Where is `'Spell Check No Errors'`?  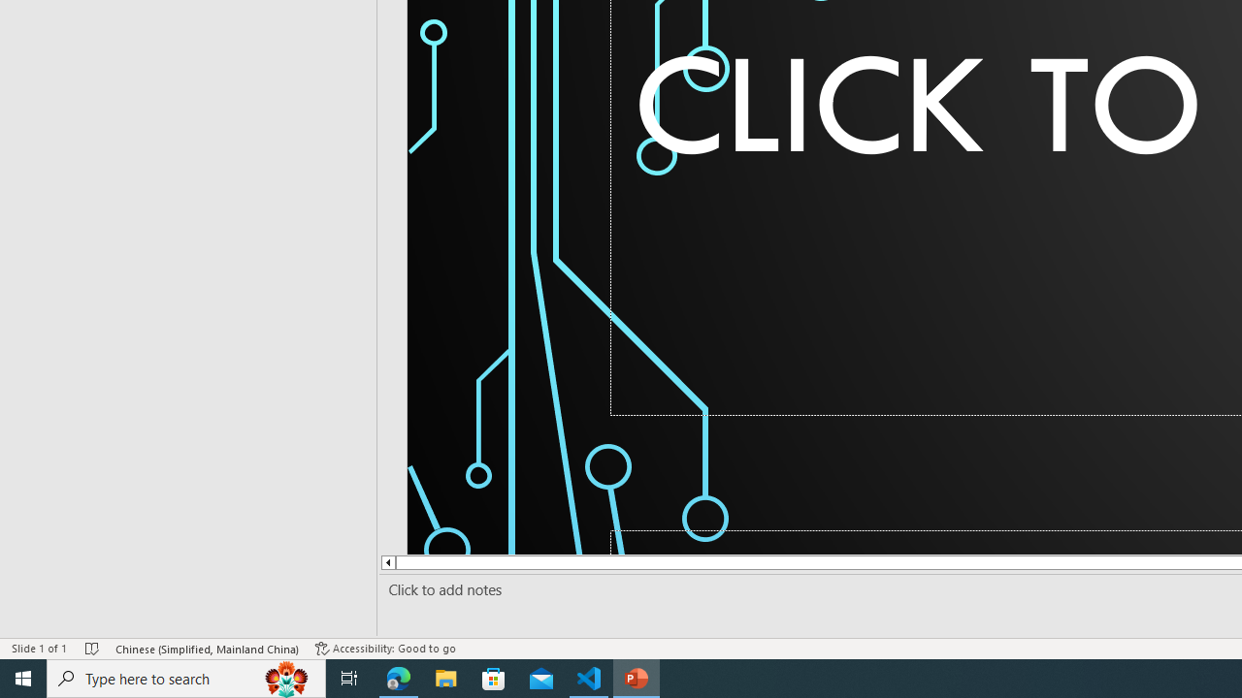 'Spell Check No Errors' is located at coordinates (92, 649).